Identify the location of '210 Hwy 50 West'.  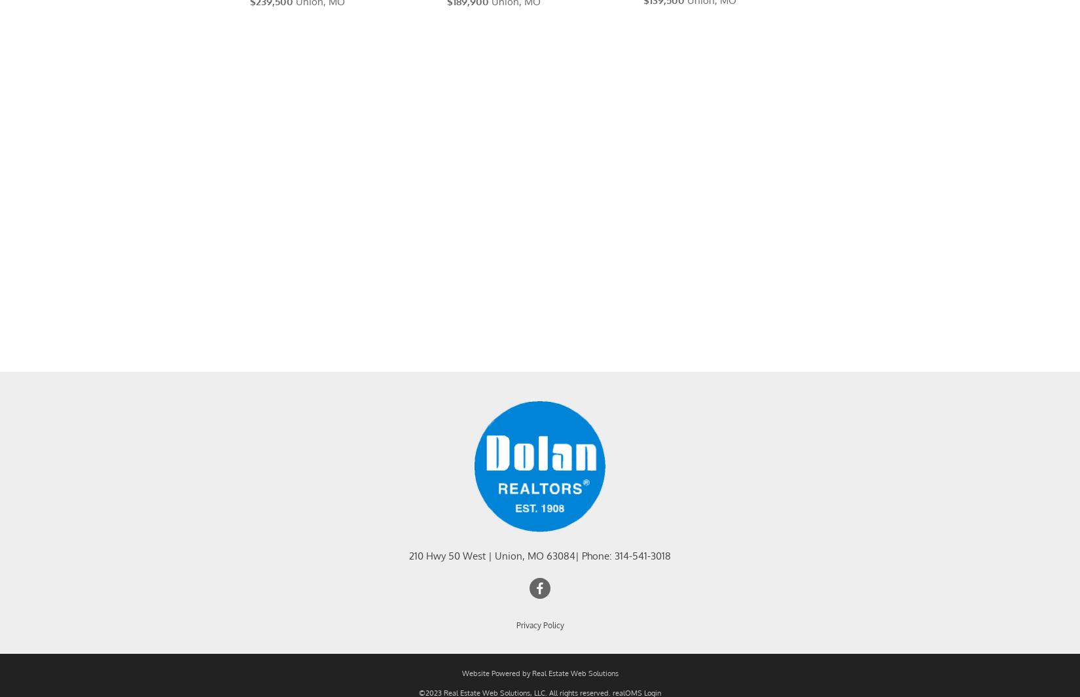
(408, 572).